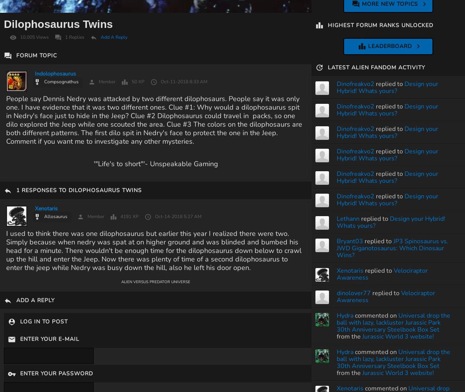  Describe the element at coordinates (177, 216) in the screenshot. I see `'Oct-14-2018 5:27 AM'` at that location.